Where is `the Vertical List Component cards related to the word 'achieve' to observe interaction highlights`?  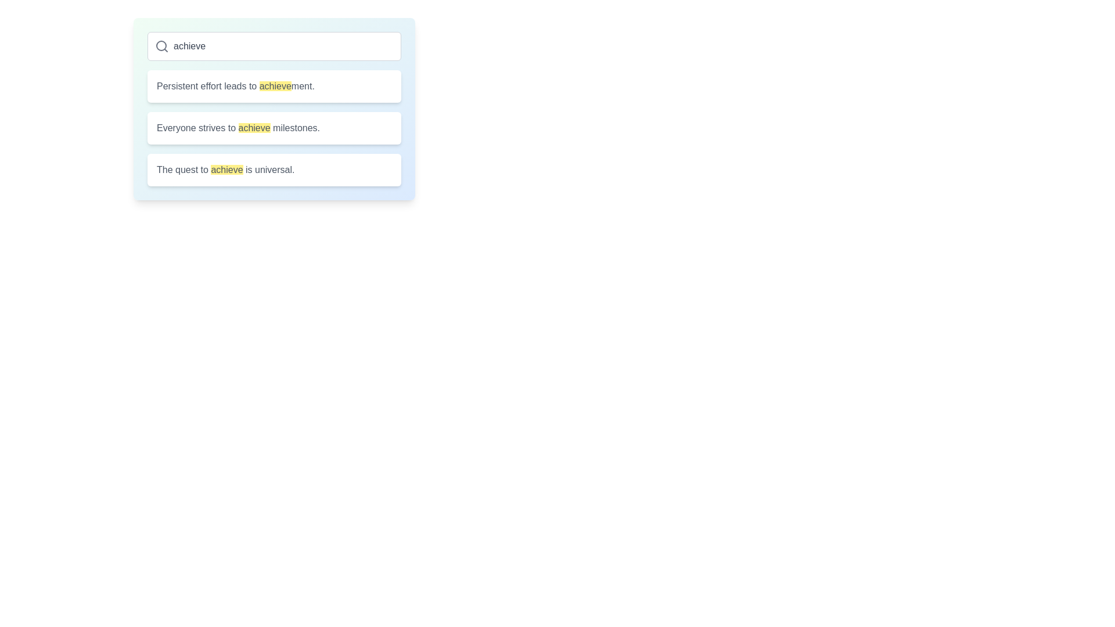 the Vertical List Component cards related to the word 'achieve' to observe interaction highlights is located at coordinates (274, 128).